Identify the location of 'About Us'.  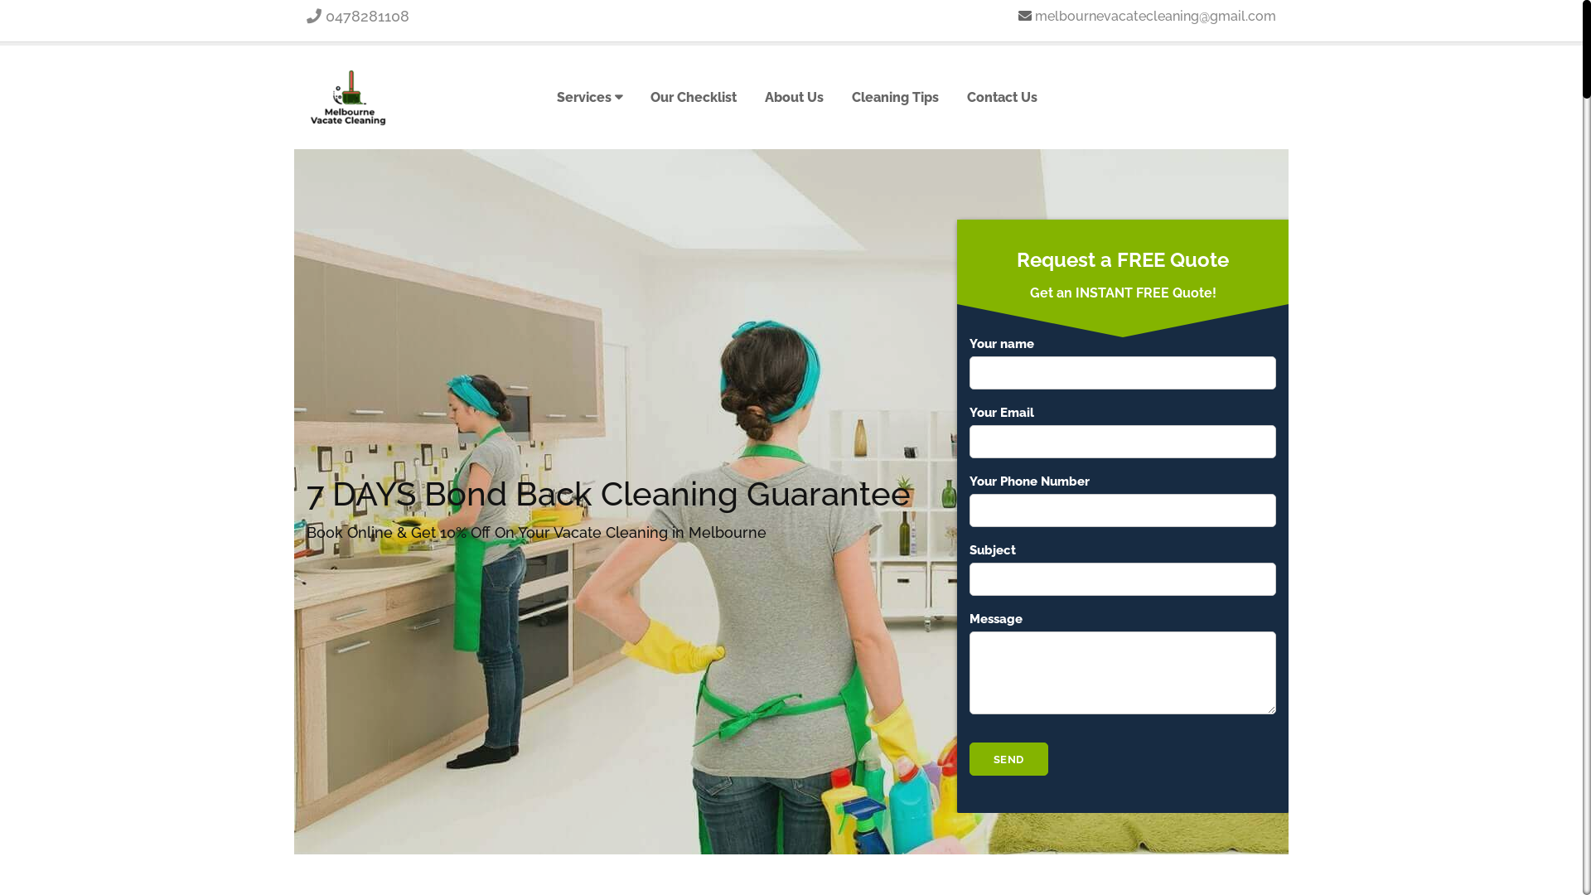
(793, 97).